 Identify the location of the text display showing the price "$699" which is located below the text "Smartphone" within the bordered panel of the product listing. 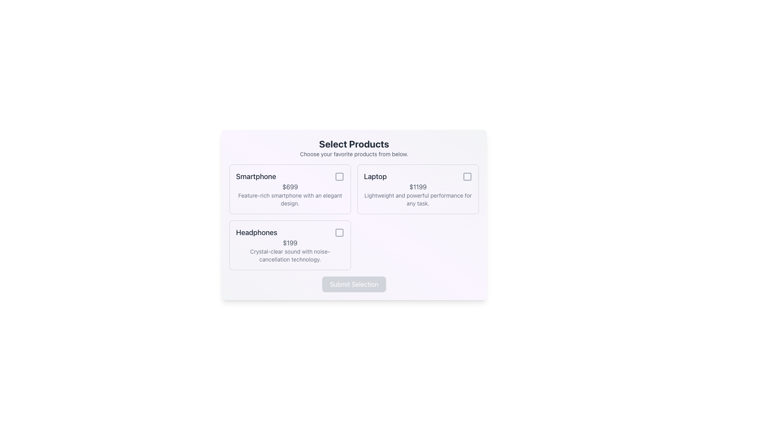
(289, 187).